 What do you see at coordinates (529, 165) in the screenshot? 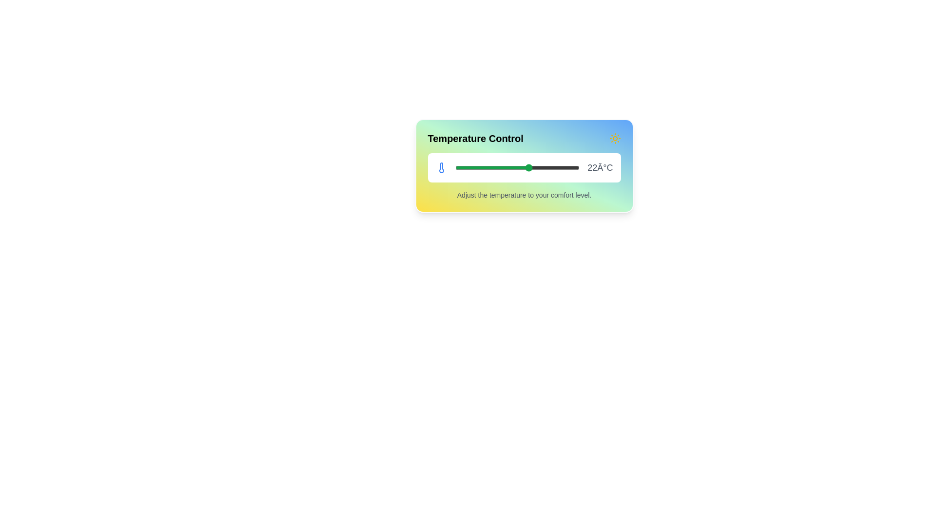
I see `the temperature` at bounding box center [529, 165].